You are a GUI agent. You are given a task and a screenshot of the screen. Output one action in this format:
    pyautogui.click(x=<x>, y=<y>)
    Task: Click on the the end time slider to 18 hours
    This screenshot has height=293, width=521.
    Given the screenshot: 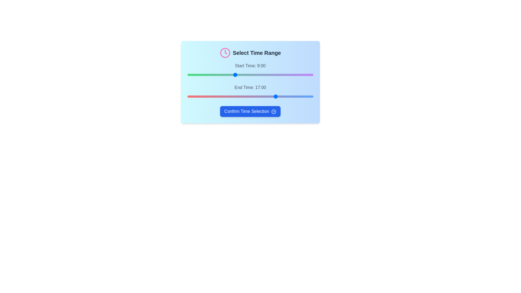 What is the action you would take?
    pyautogui.click(x=282, y=96)
    